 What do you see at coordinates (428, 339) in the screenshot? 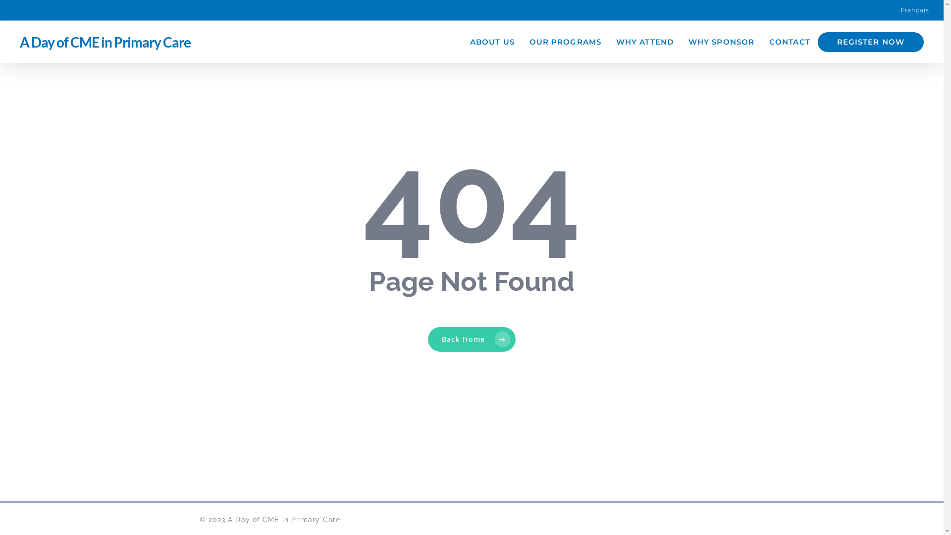
I see `'Back Home'` at bounding box center [428, 339].